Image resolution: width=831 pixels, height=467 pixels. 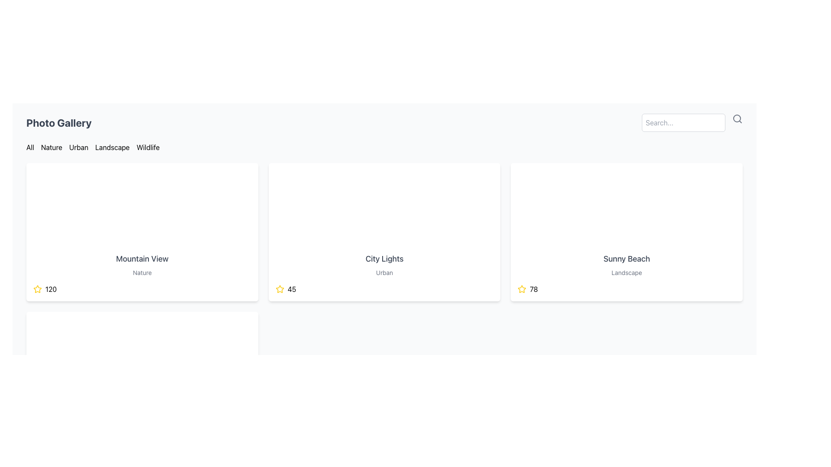 I want to click on displayed numerical label '45' that is styled with black text and located next to a yellow star icon, part of a rating or count display, so click(x=292, y=289).